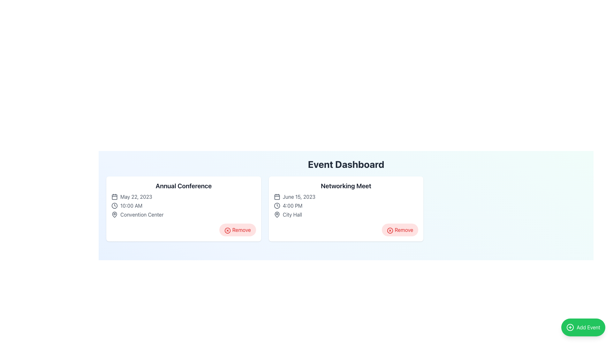 This screenshot has width=613, height=344. Describe the element at coordinates (115, 214) in the screenshot. I see `the map pin icon located beside the venue location text 'Convention Center' in the 'Annual Conference' card` at that location.